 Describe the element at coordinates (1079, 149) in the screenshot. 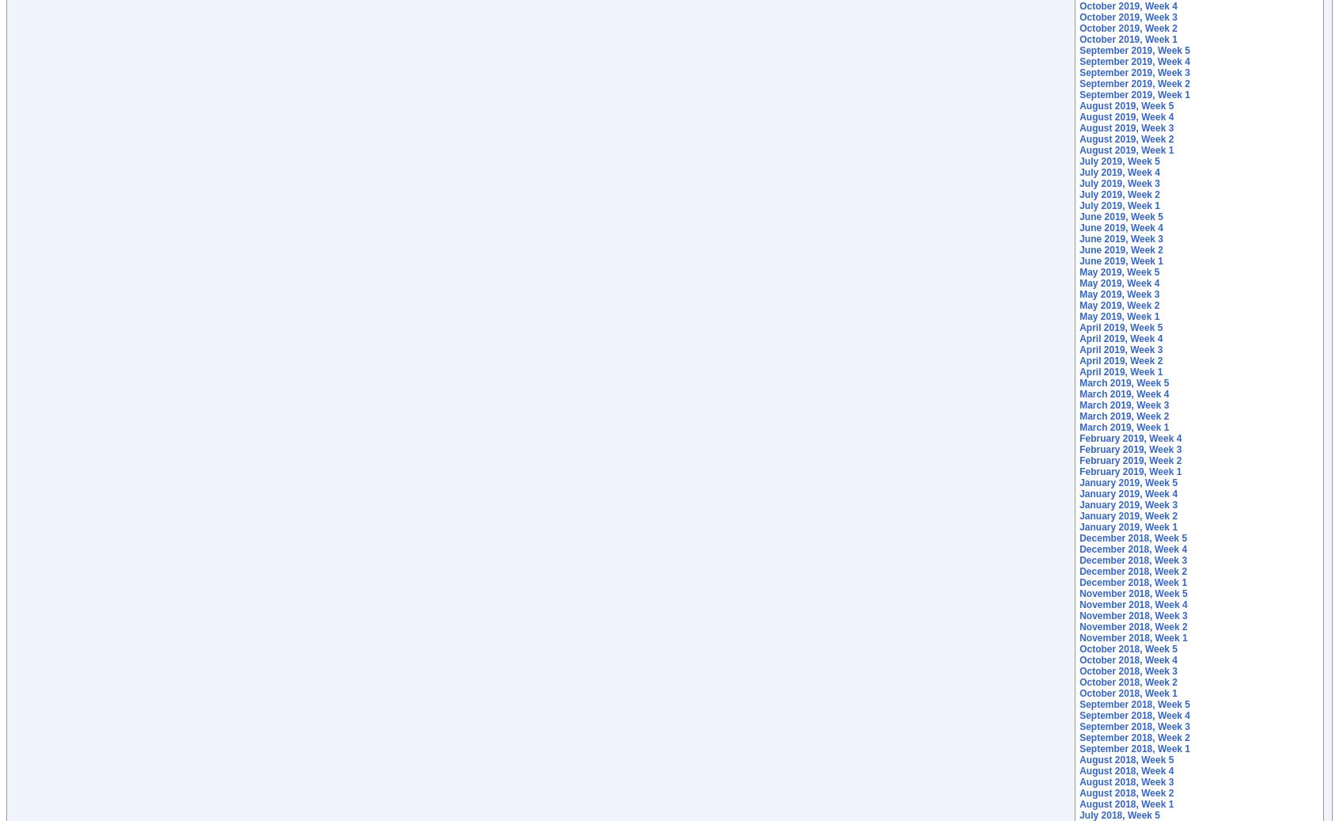

I see `'August 2019, Week 1'` at that location.